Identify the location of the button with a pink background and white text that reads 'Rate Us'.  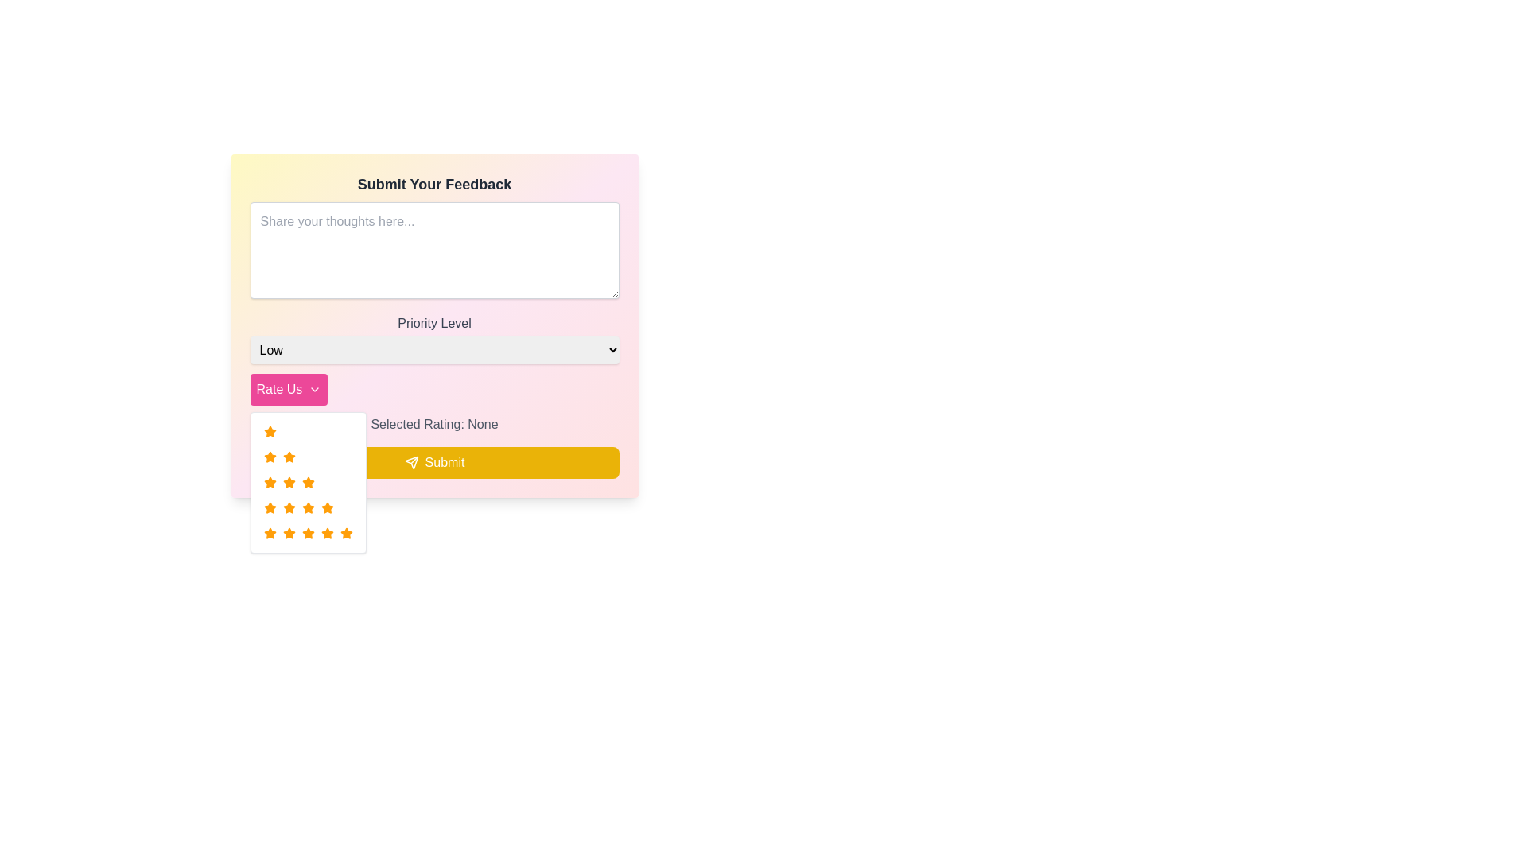
(289, 389).